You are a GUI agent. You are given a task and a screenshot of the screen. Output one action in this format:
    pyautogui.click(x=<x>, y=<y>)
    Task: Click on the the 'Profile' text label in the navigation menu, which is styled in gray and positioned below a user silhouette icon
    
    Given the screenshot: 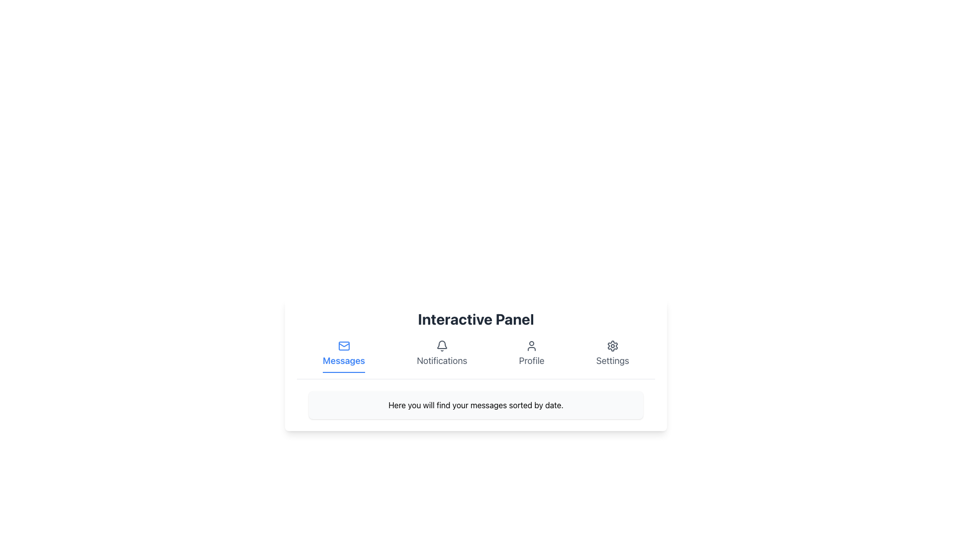 What is the action you would take?
    pyautogui.click(x=531, y=360)
    